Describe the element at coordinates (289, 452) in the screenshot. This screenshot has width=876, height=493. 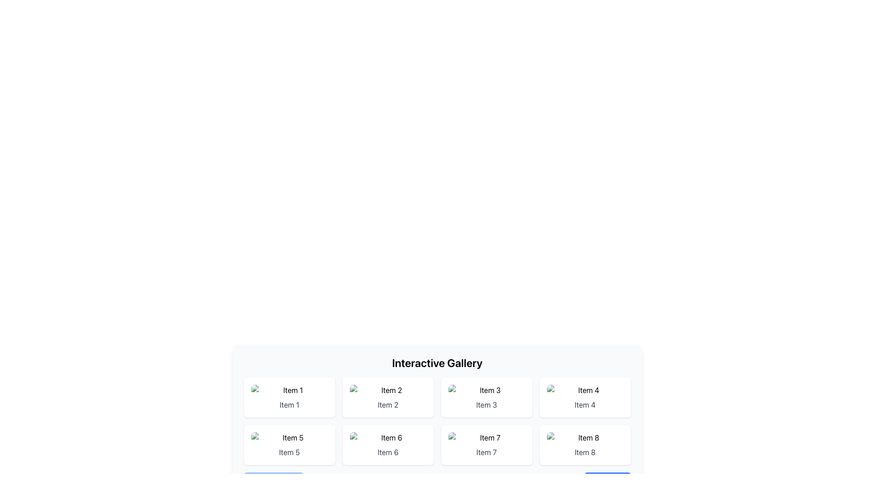
I see `the text label displaying 'Item 5', which is centered below an image in a white rounded rectangle with a shadow, located in the second row and first column of the grid layout` at that location.